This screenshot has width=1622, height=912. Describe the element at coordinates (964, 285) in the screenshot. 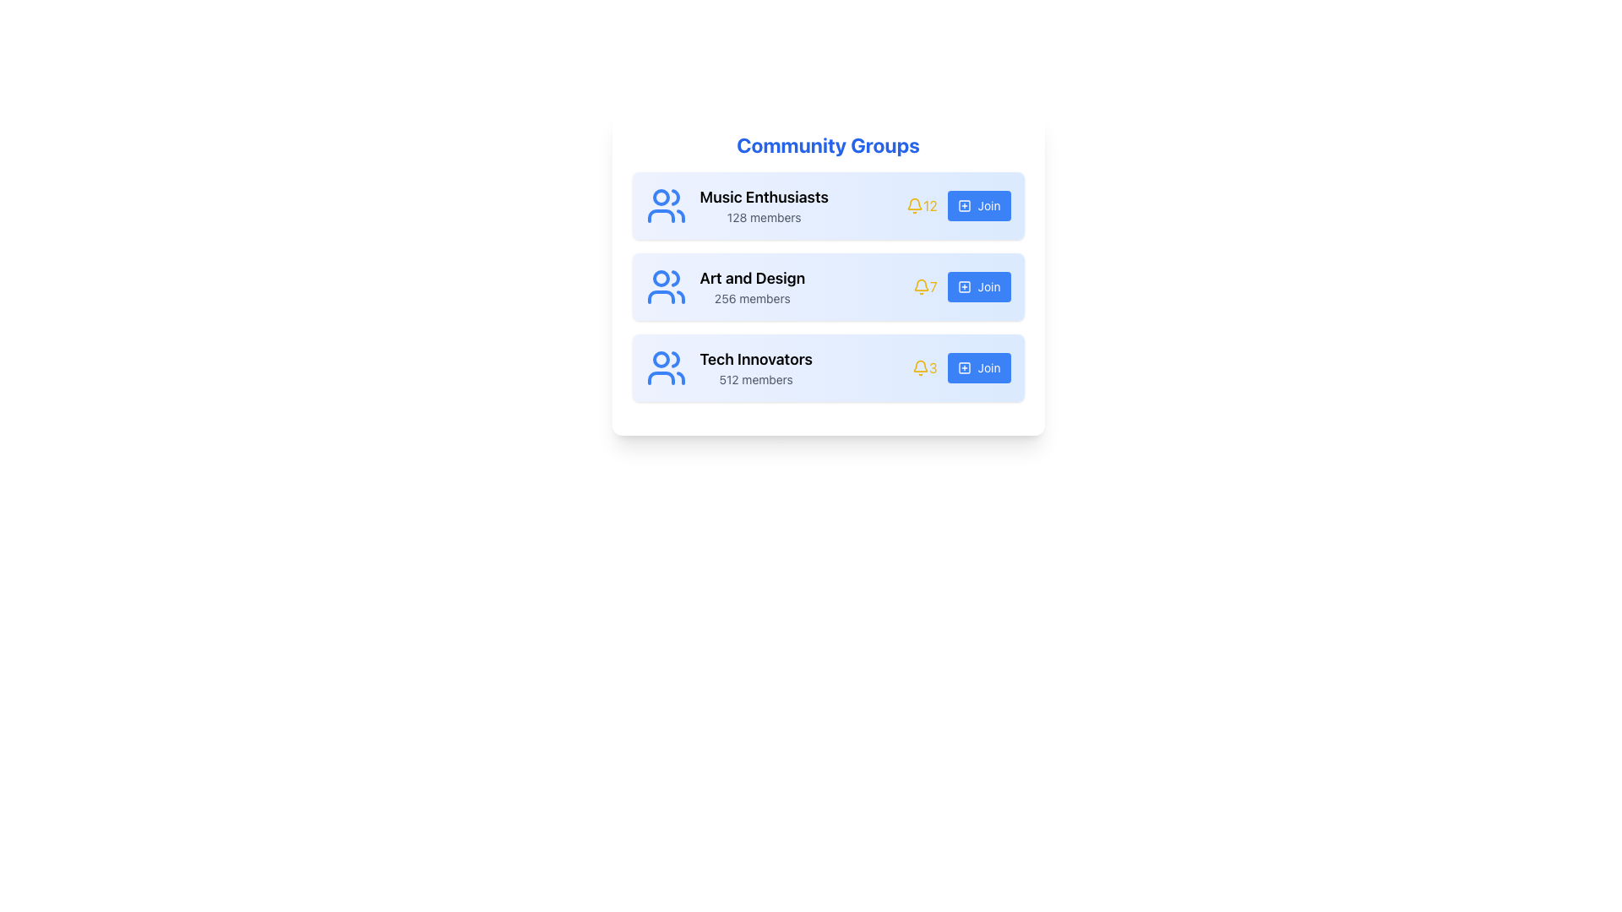

I see `the square icon with a plus sign to initiate the join action for the 'Art and Design' community group` at that location.